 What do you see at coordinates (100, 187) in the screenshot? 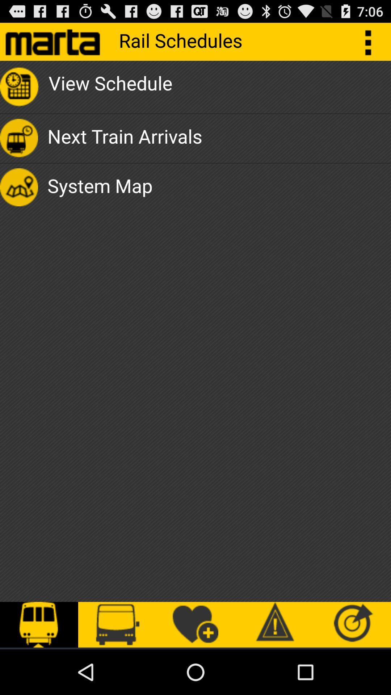
I see `icon below next train arrivals app` at bounding box center [100, 187].